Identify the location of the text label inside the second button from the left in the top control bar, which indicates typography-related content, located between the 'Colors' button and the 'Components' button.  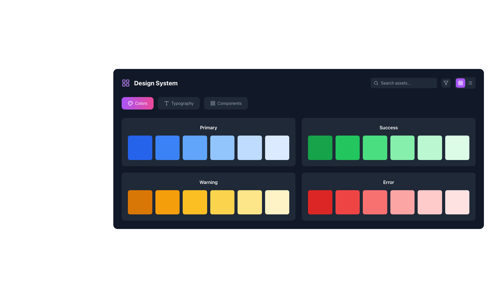
(182, 103).